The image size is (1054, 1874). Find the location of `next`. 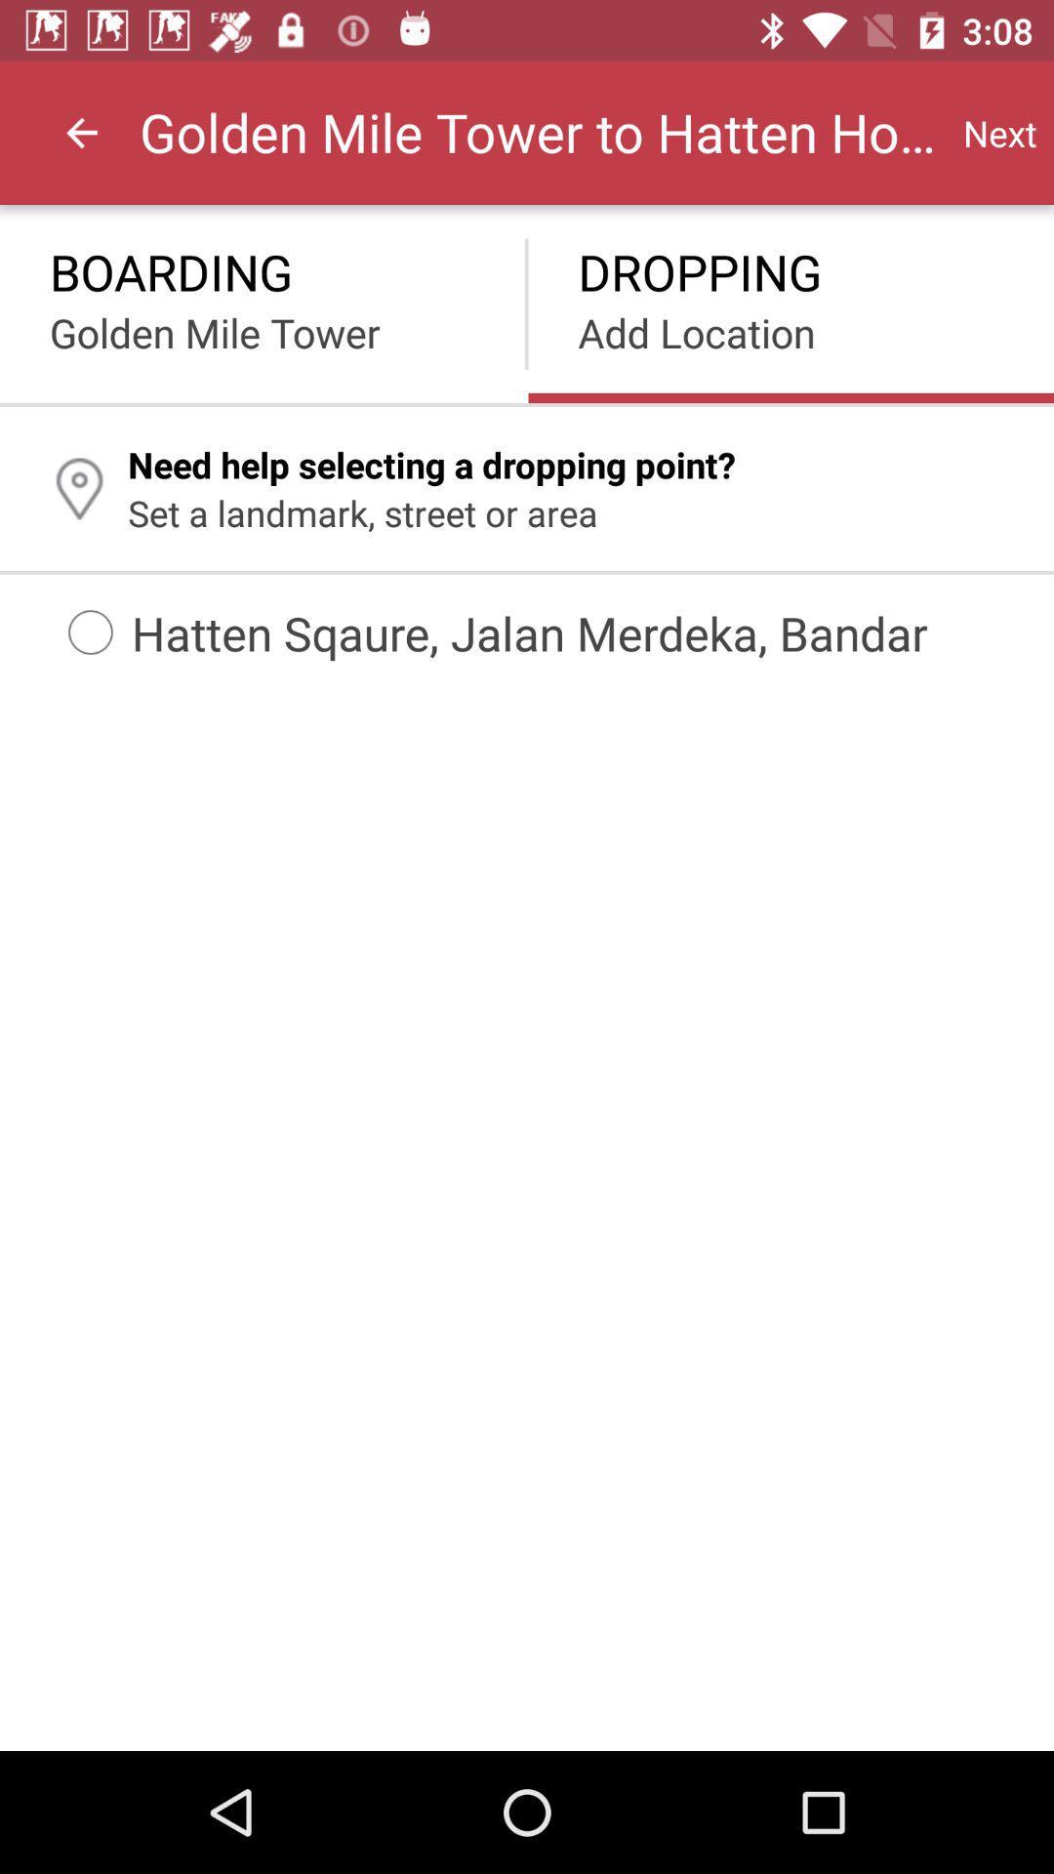

next is located at coordinates (999, 132).